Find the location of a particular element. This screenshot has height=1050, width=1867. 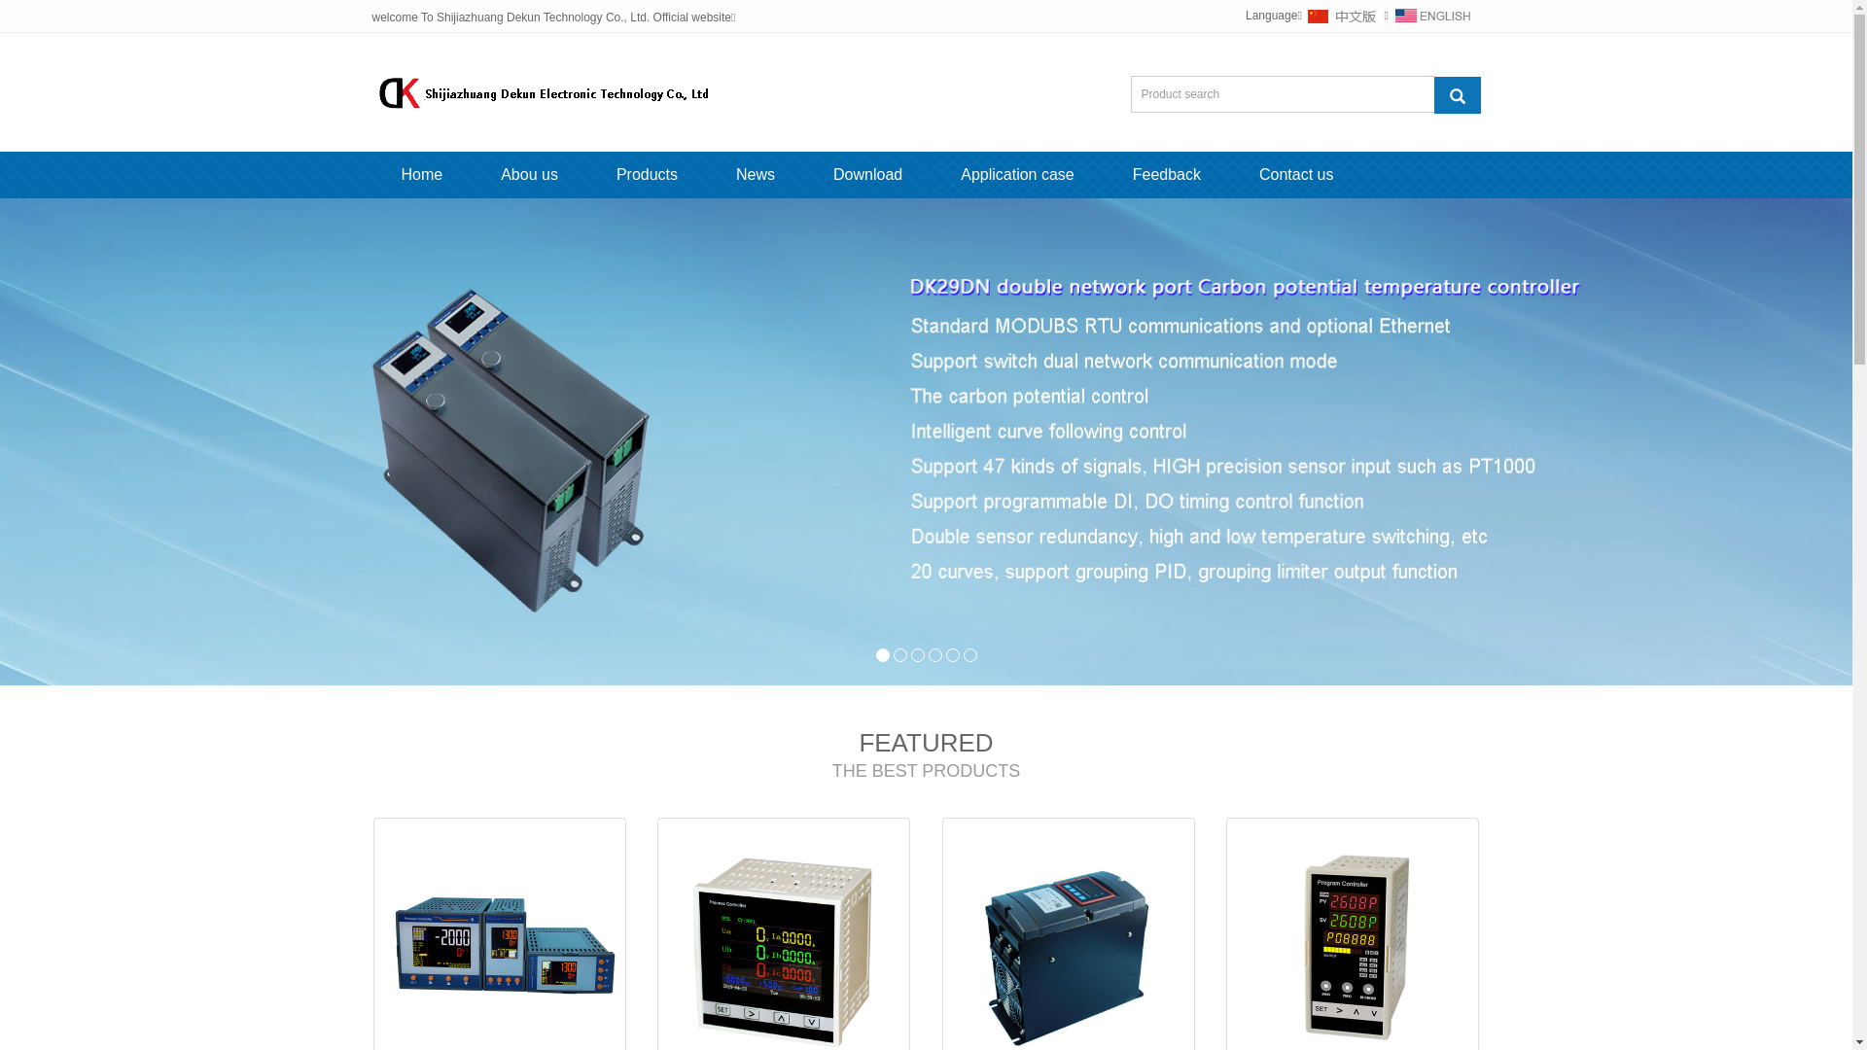

'5' is located at coordinates (952, 655).